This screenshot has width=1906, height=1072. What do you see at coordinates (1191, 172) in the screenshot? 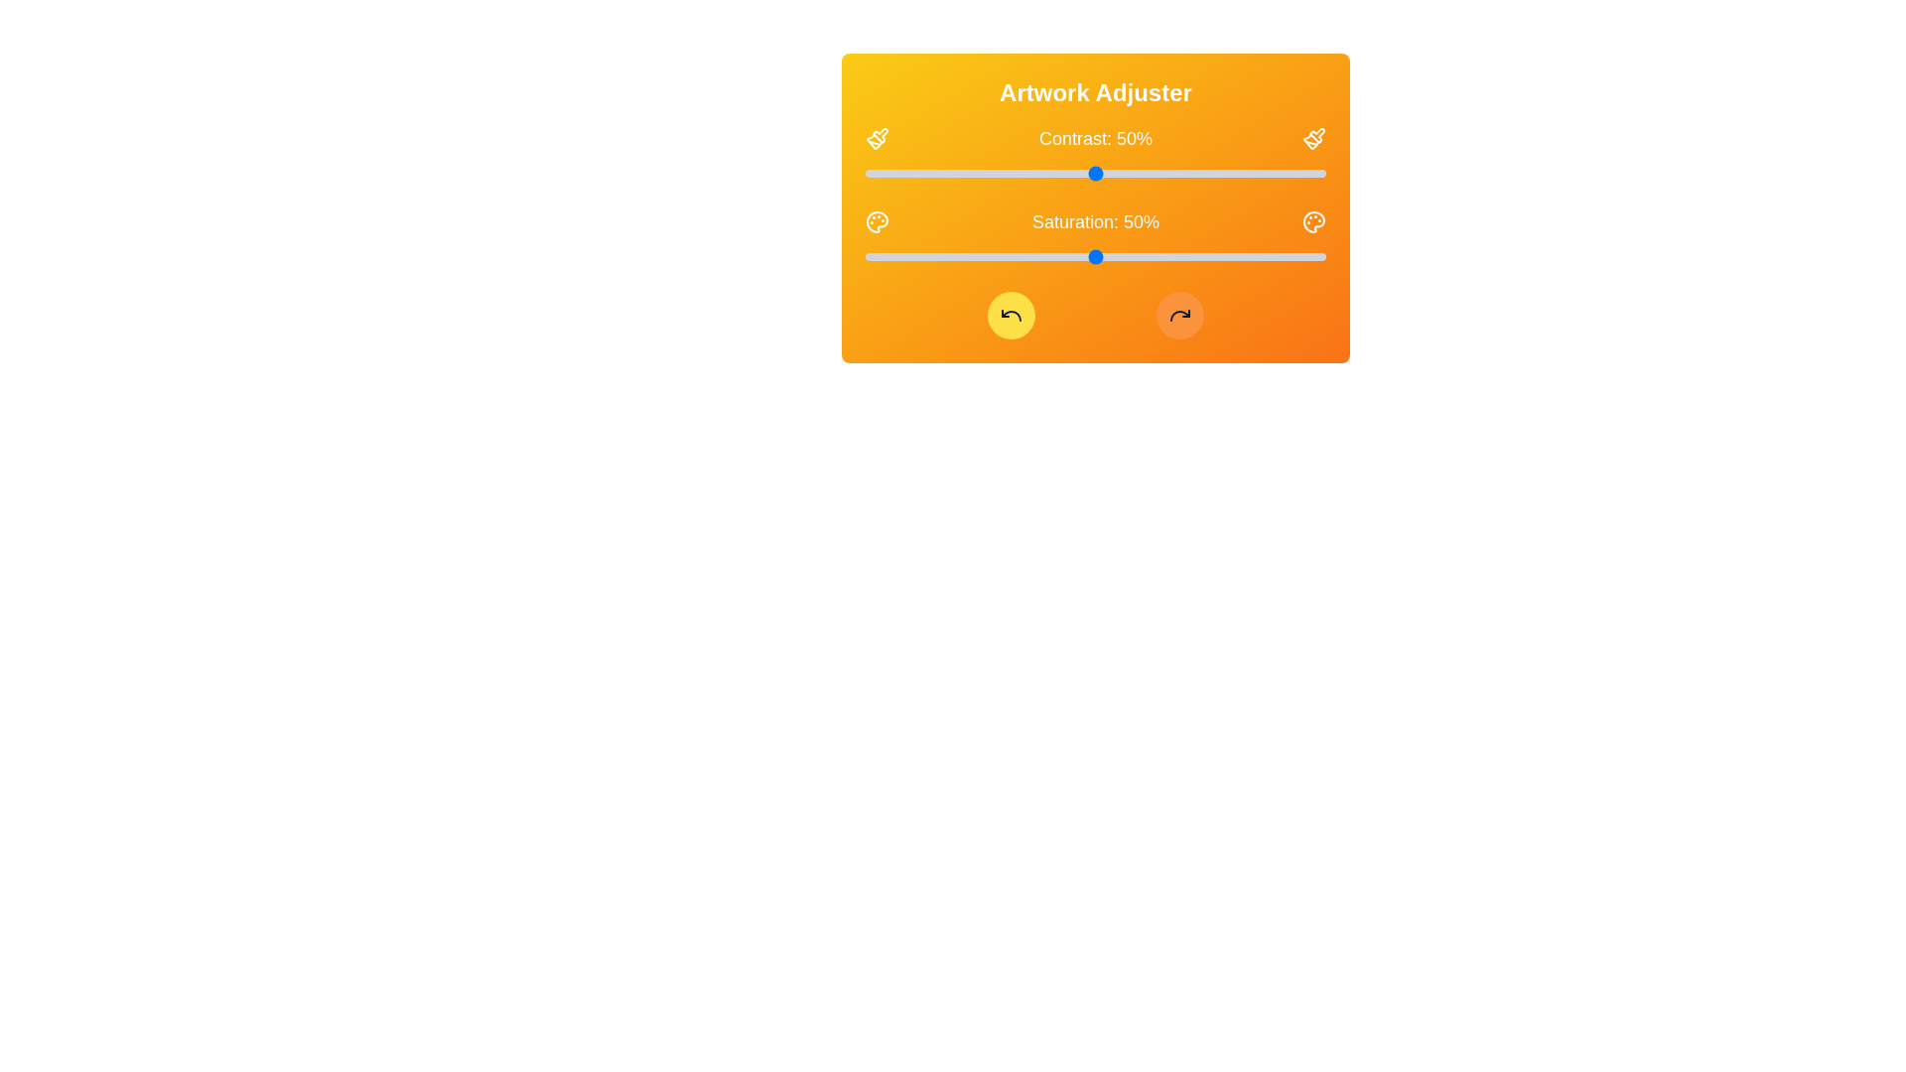
I see `the contrast slider to 71%` at bounding box center [1191, 172].